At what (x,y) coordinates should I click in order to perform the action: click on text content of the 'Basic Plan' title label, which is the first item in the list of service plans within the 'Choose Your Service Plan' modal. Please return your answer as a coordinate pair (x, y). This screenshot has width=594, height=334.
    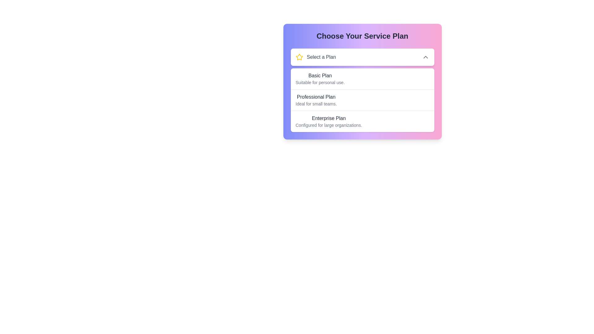
    Looking at the image, I should click on (320, 75).